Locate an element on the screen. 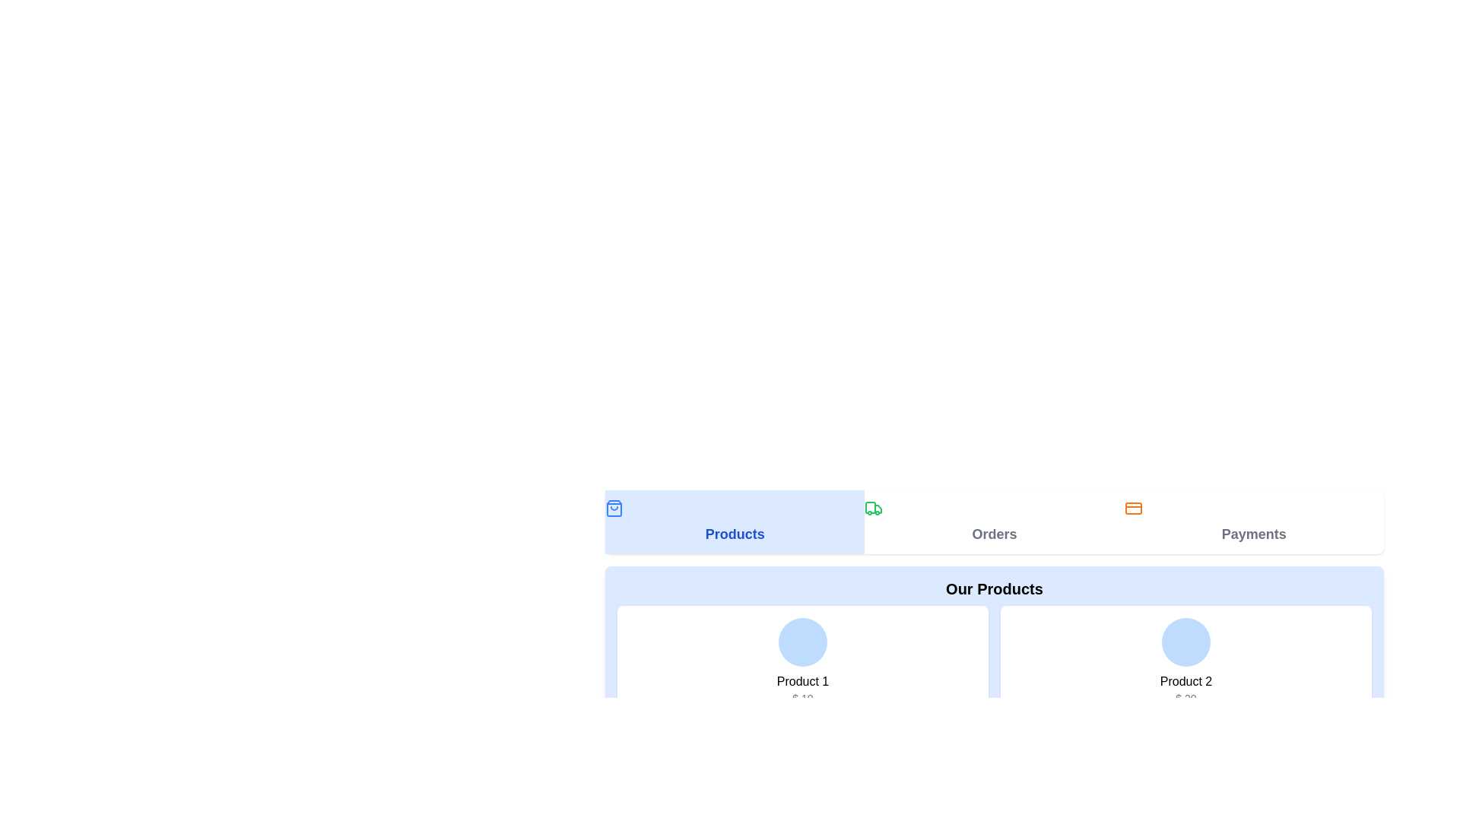 This screenshot has width=1460, height=821. the 'Product 2' text label located beneath the circular avatar and above the price label, to focus on it is located at coordinates (1185, 681).